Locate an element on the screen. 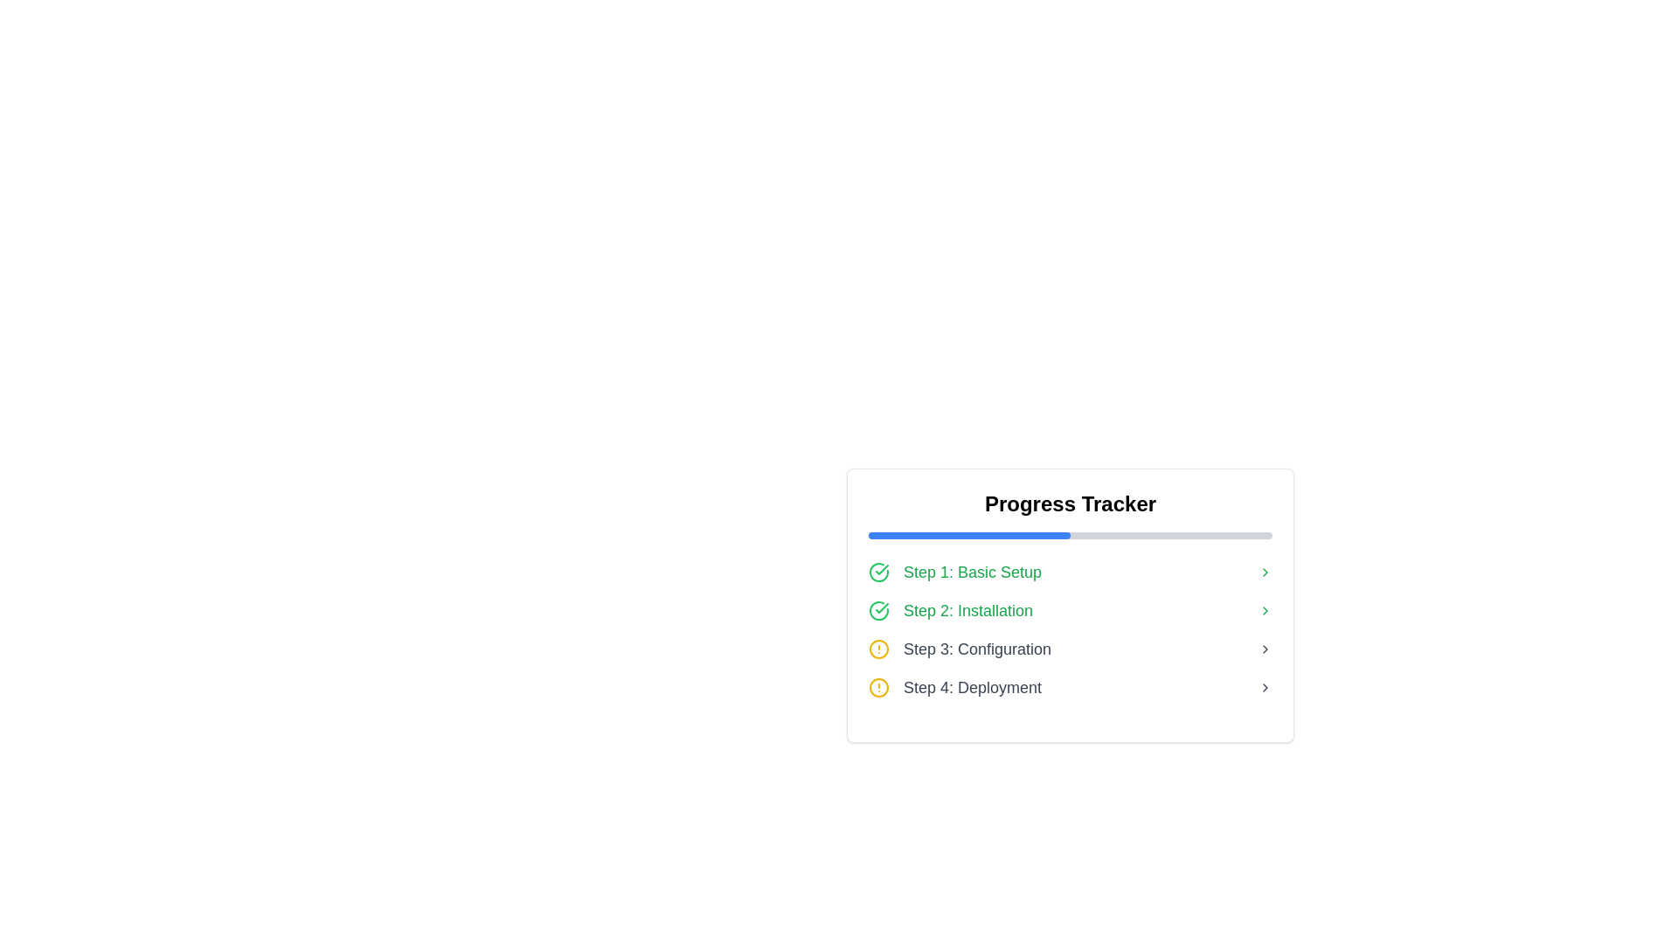  the filled circle icon located on the left side of the 'Step 3: Configuration' in the Progress Tracker component is located at coordinates (879, 649).